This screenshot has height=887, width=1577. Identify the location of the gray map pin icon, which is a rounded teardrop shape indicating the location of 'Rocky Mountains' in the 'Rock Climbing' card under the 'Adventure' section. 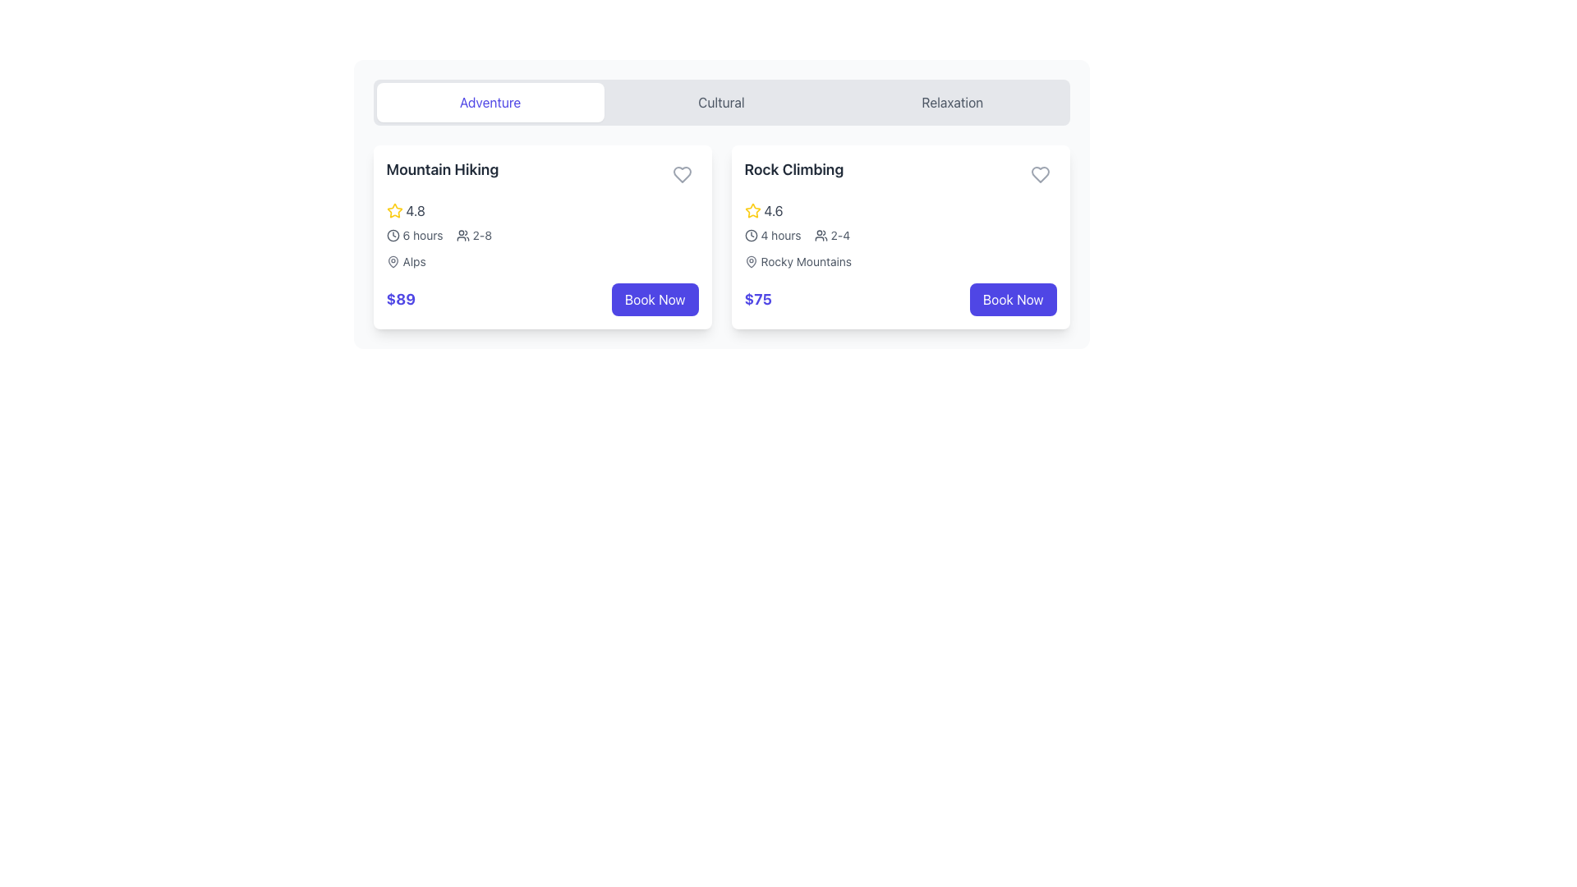
(750, 261).